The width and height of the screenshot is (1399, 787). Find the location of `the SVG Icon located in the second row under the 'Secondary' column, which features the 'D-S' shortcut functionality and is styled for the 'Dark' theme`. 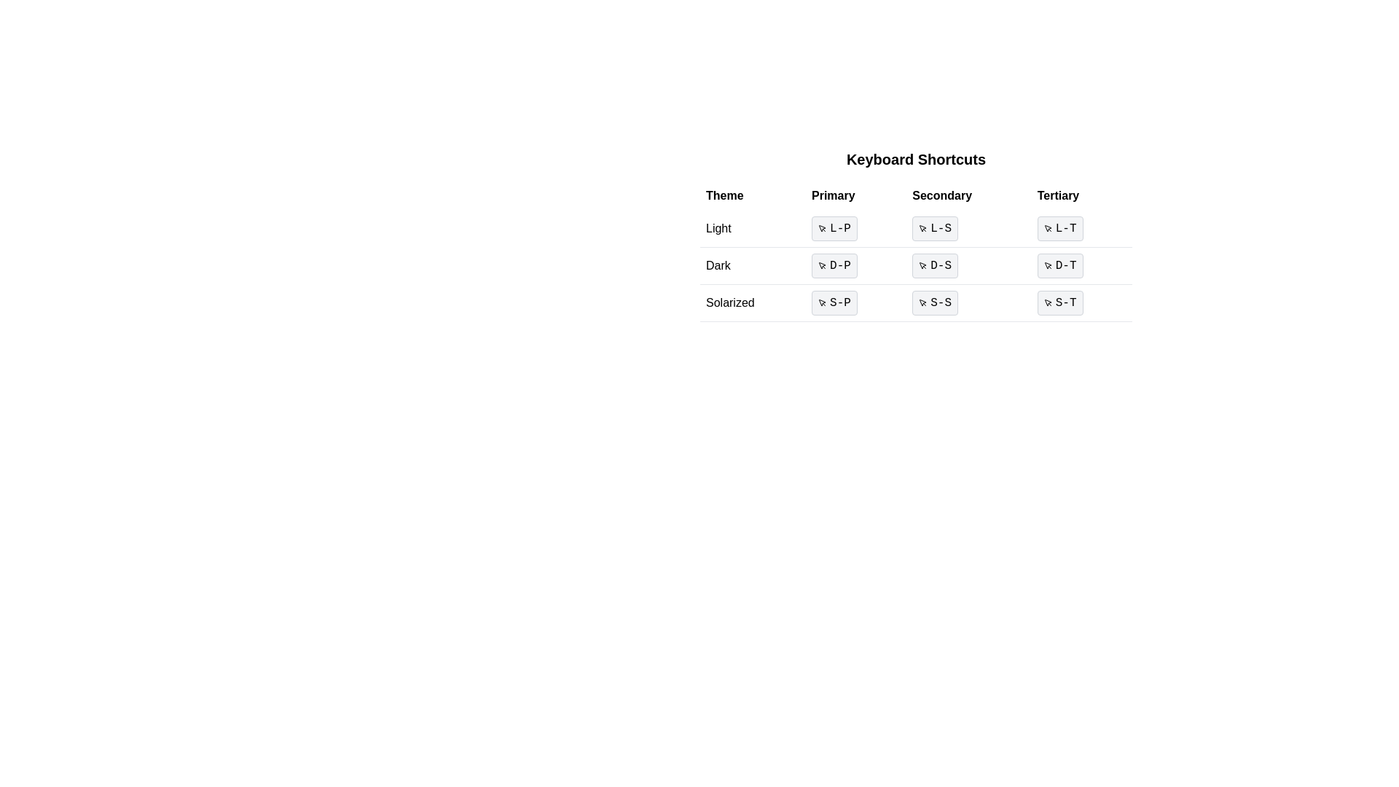

the SVG Icon located in the second row under the 'Secondary' column, which features the 'D-S' shortcut functionality and is styled for the 'Dark' theme is located at coordinates (922, 266).